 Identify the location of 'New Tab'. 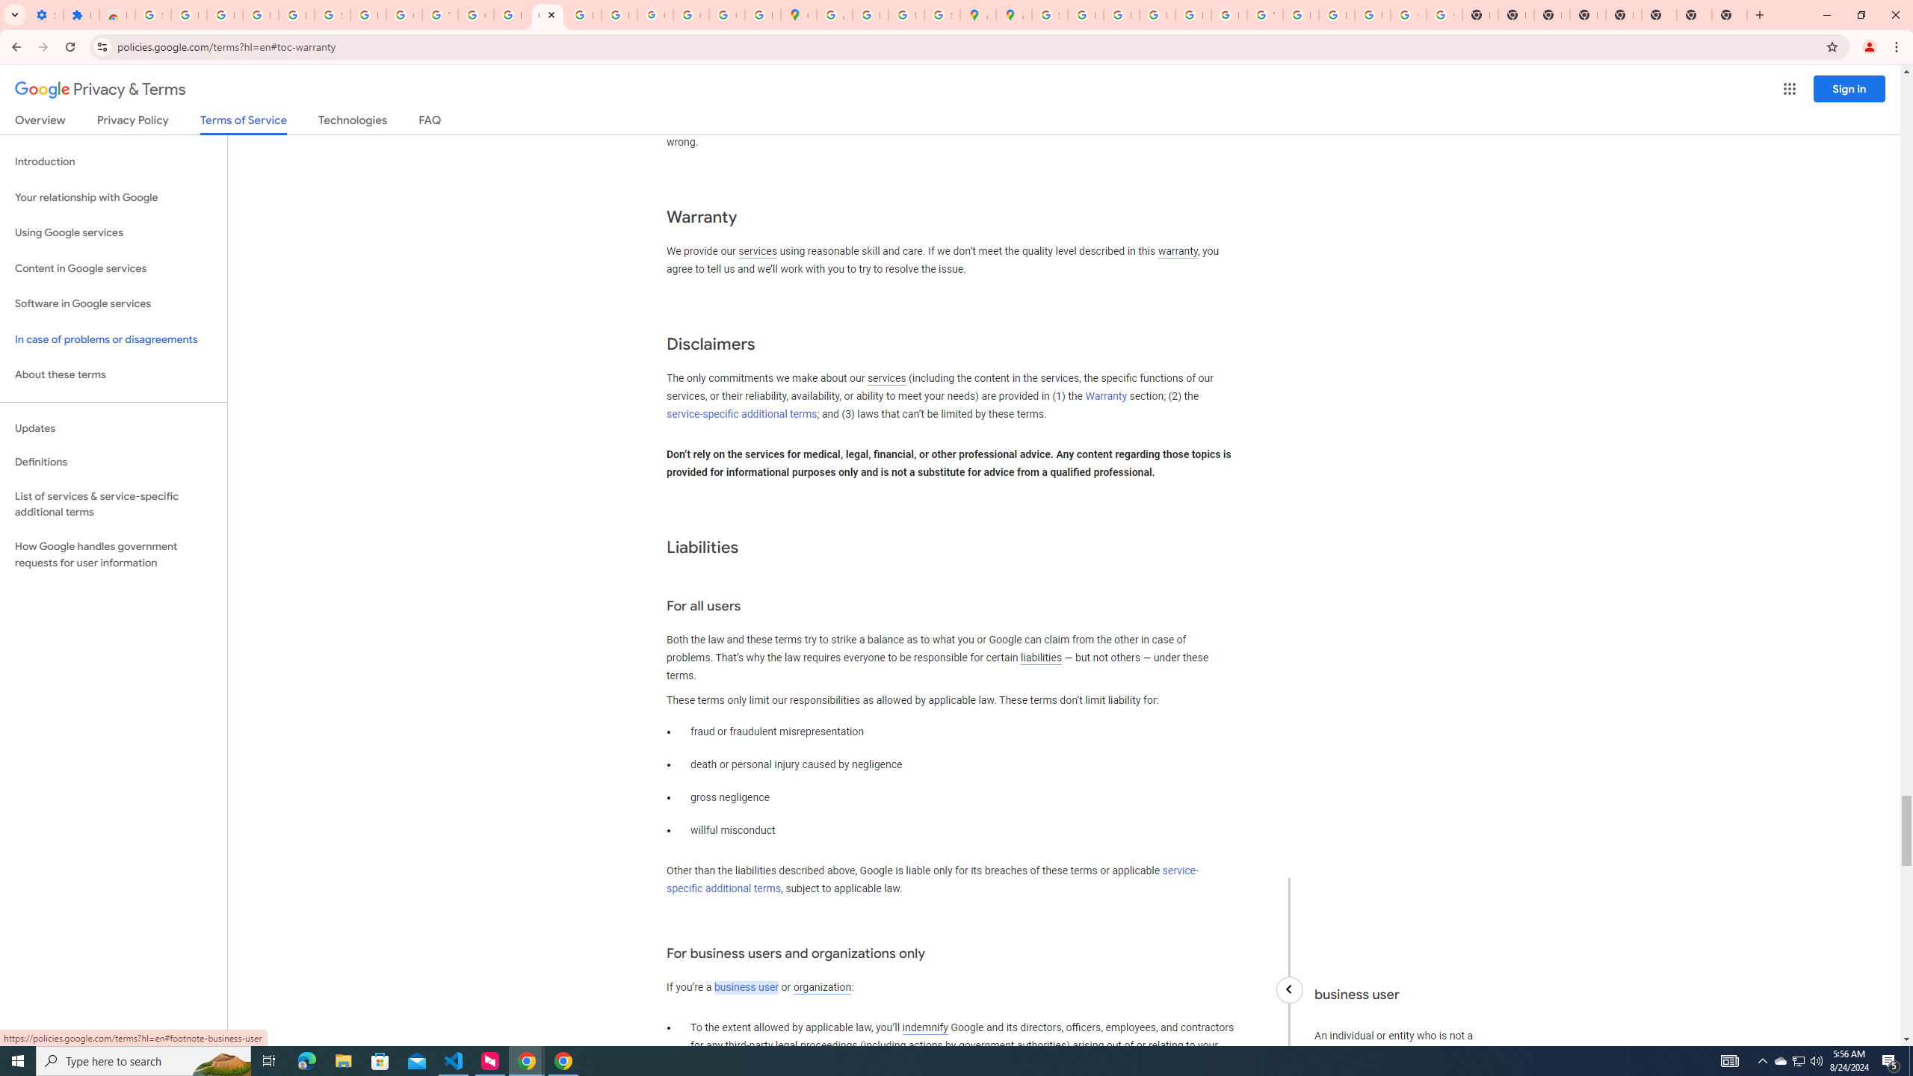
(1729, 14).